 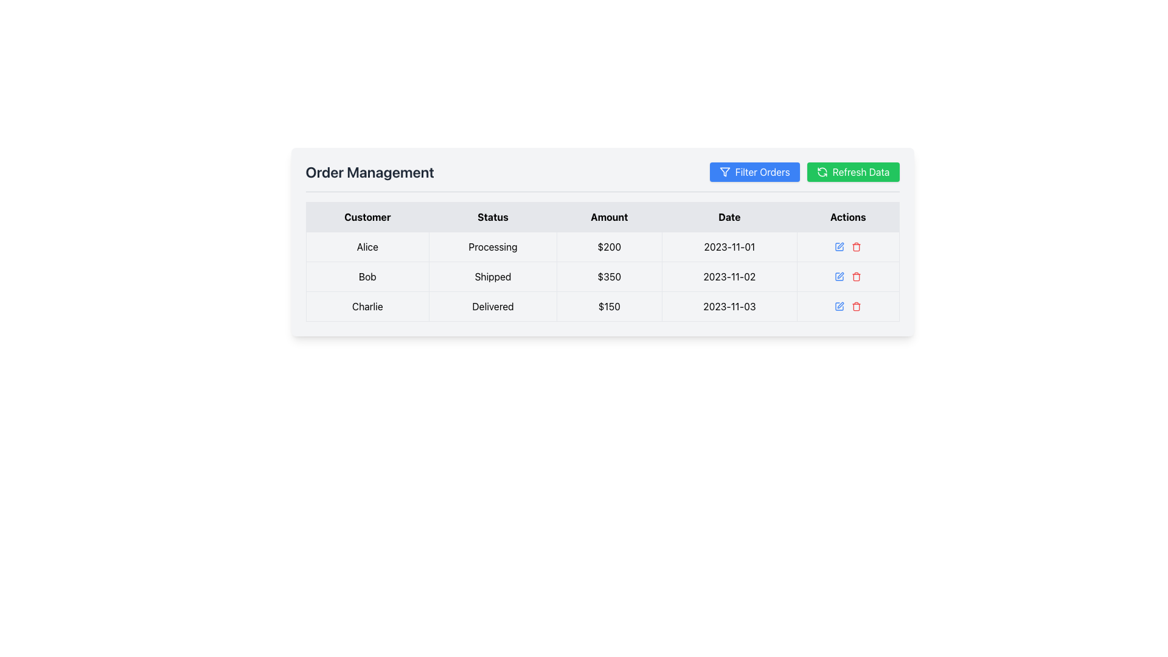 I want to click on the text label displaying the name of the customer in the first row of the table under the 'Customer' column, so click(x=367, y=246).